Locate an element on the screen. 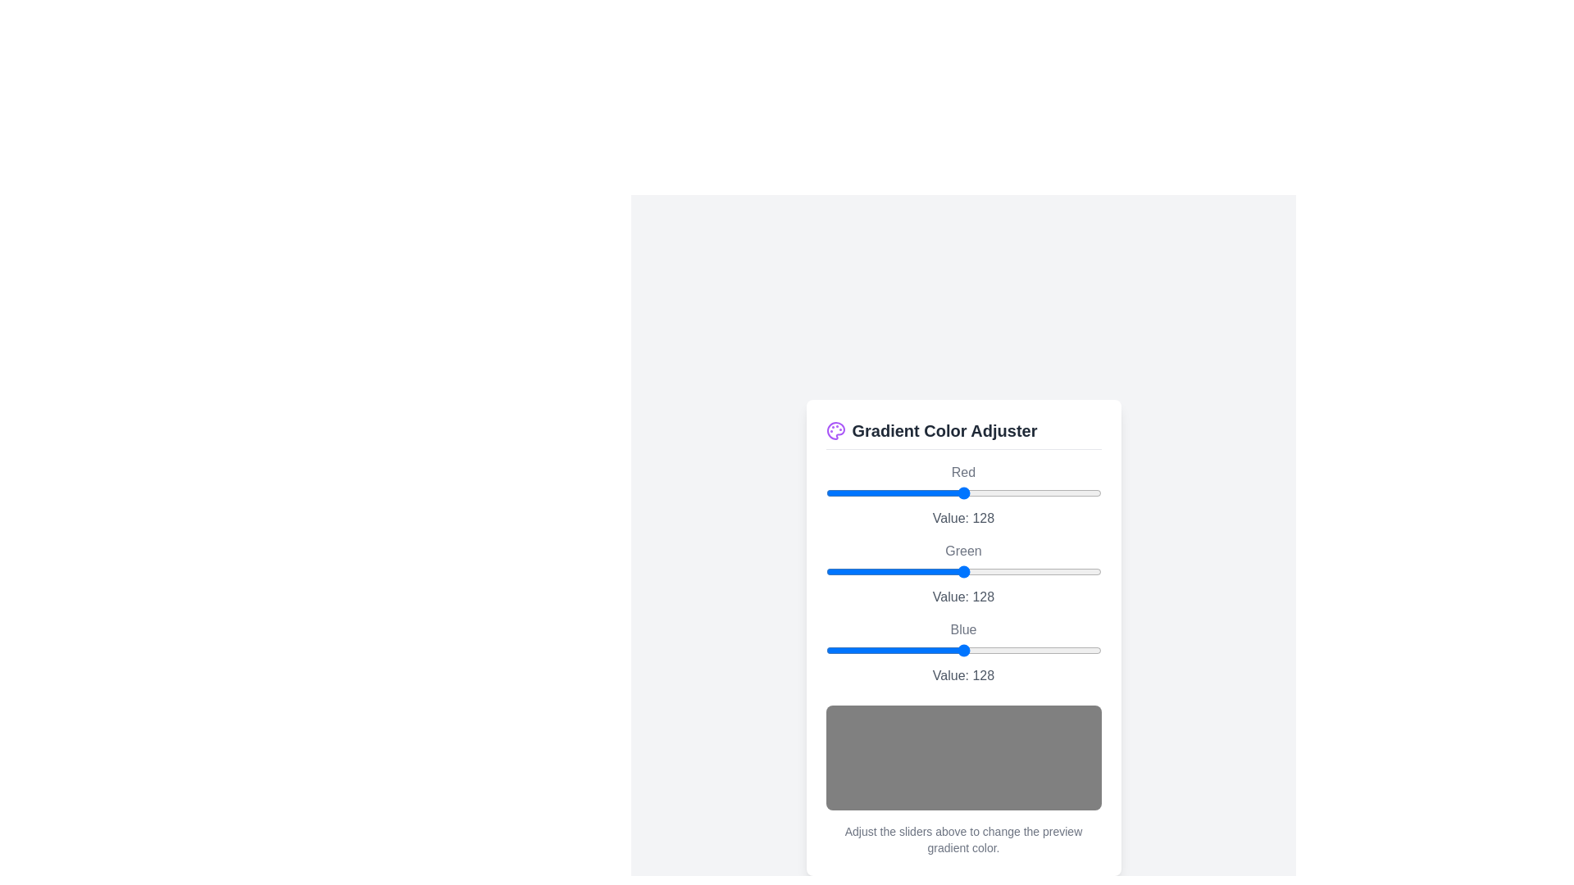 This screenshot has width=1574, height=885. the blue slider to set its value to 137 is located at coordinates (974, 649).